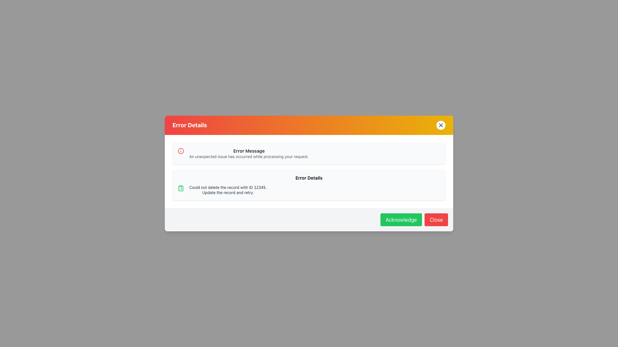  Describe the element at coordinates (260, 187) in the screenshot. I see `the text displaying the numerical value '12345' within the error details modal, which is part of the message 'Could not delete the record with ID 12345.'` at that location.